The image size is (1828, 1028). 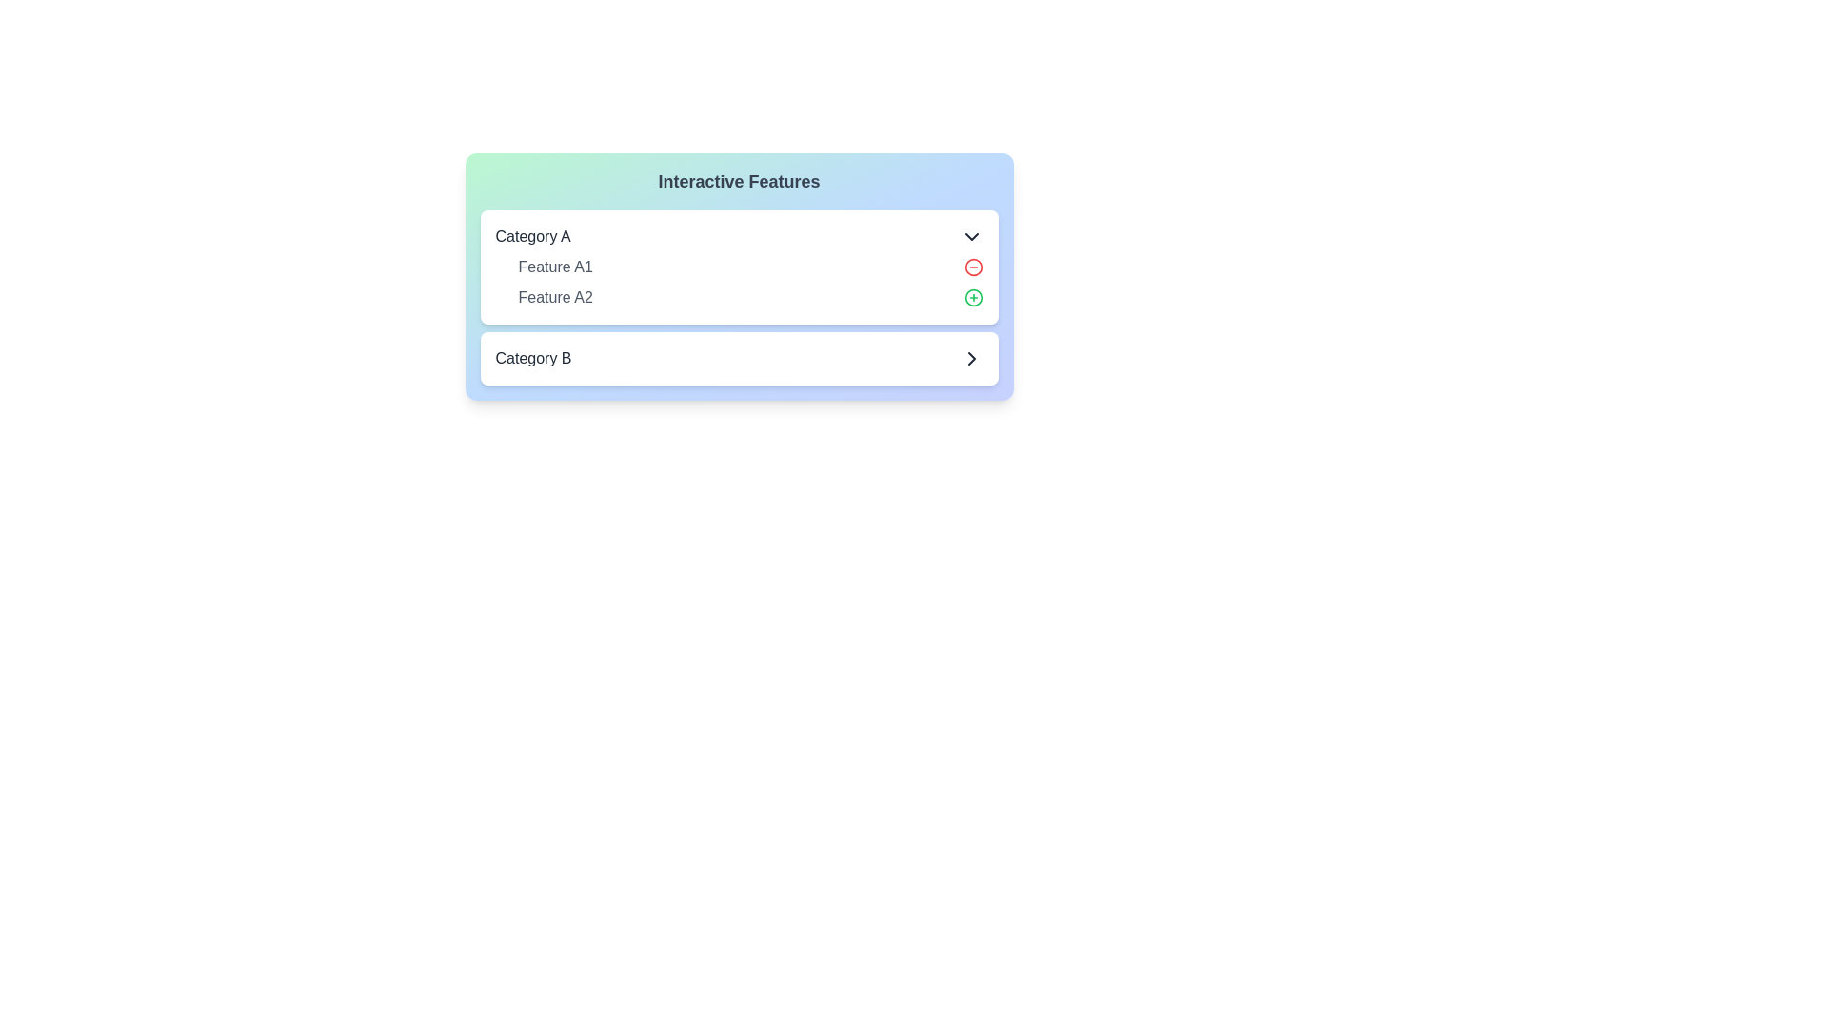 I want to click on the right-pointing chevron icon used for navigation located at the rightmost side of 'Category B' for interaction feedback, so click(x=971, y=359).